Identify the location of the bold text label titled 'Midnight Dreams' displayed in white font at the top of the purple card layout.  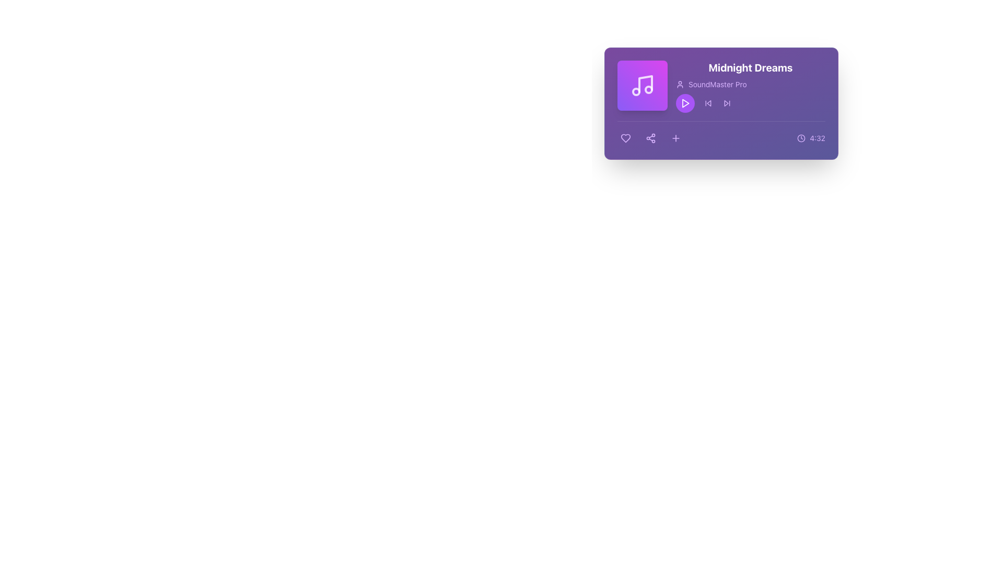
(750, 68).